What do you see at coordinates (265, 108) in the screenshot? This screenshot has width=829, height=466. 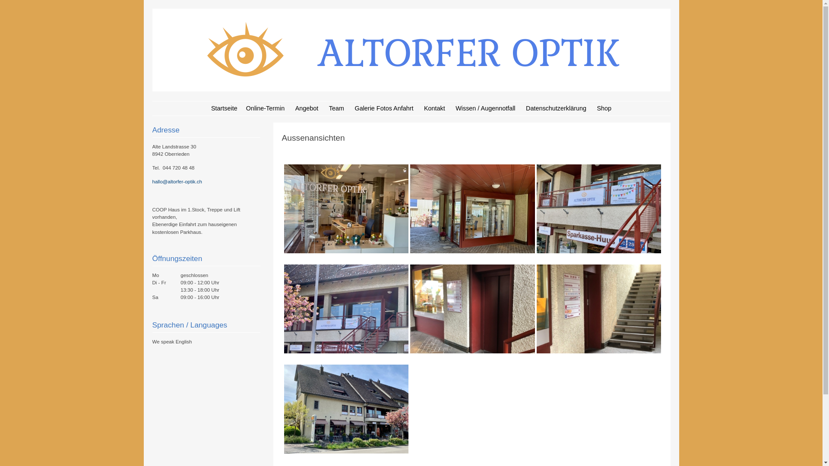 I see `'Online-Termin'` at bounding box center [265, 108].